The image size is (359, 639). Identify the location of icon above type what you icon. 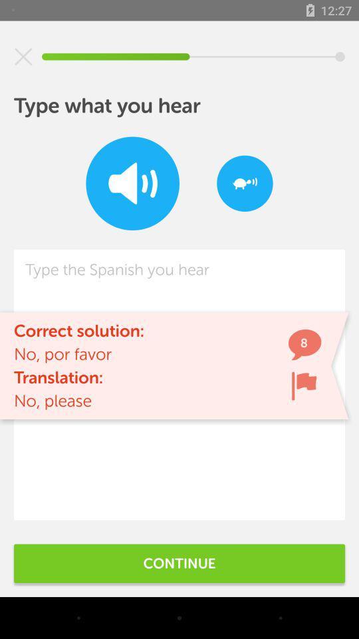
(23, 57).